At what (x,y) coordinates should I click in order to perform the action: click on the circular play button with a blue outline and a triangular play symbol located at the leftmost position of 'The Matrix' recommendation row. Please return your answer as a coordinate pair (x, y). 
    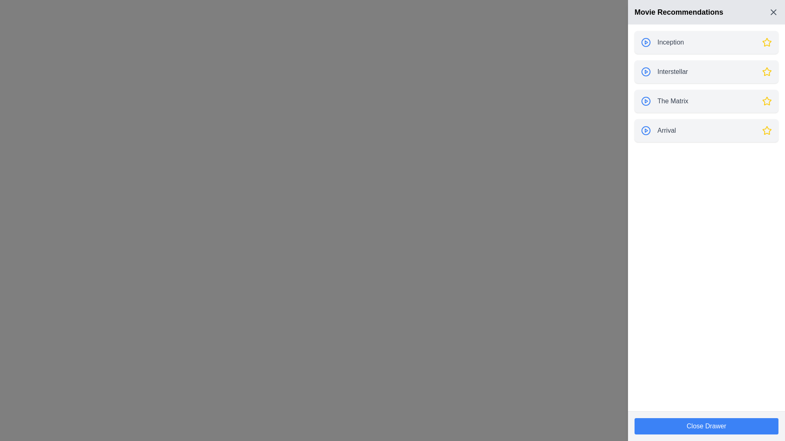
    Looking at the image, I should click on (645, 100).